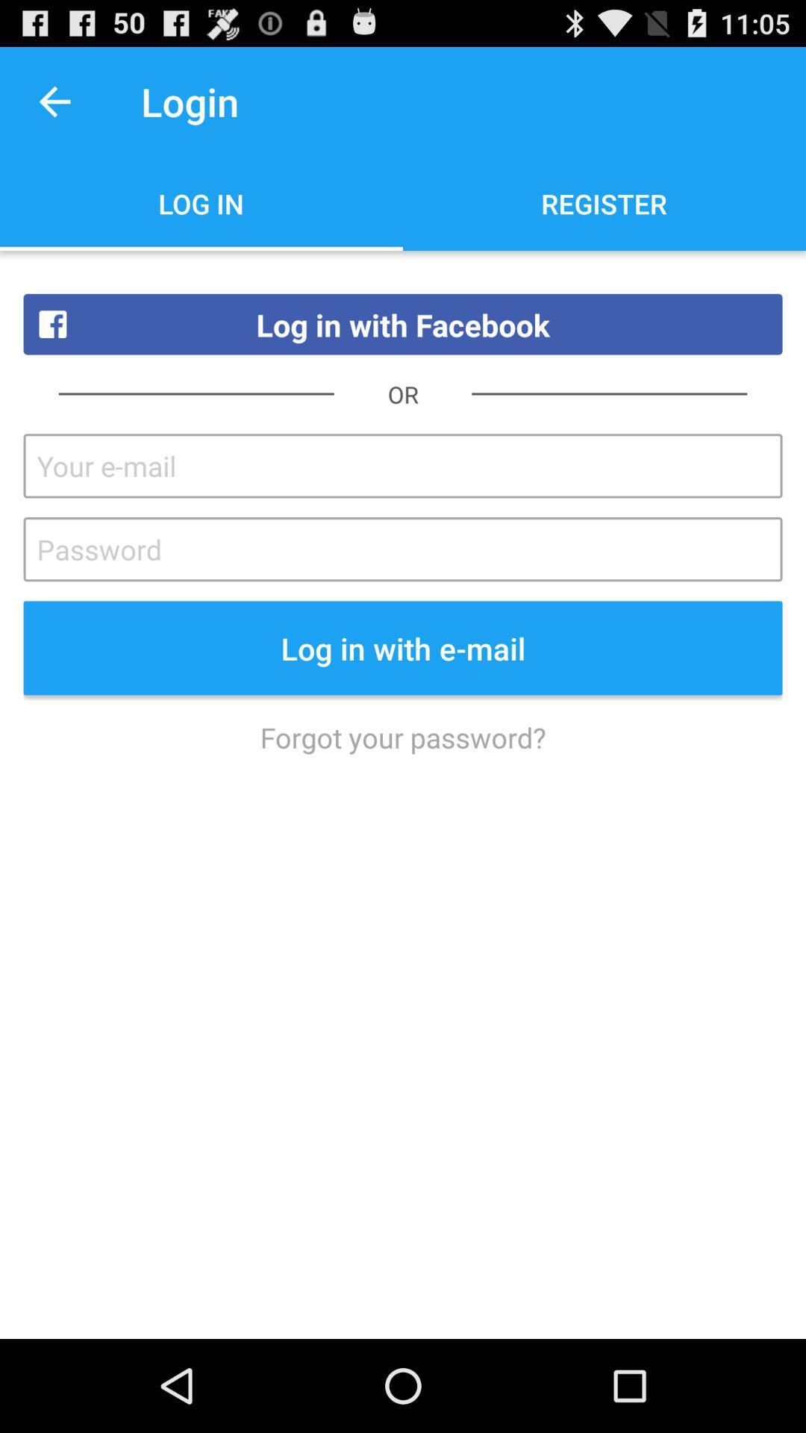 Image resolution: width=806 pixels, height=1433 pixels. Describe the element at coordinates (403, 465) in the screenshot. I see `open field for email address` at that location.